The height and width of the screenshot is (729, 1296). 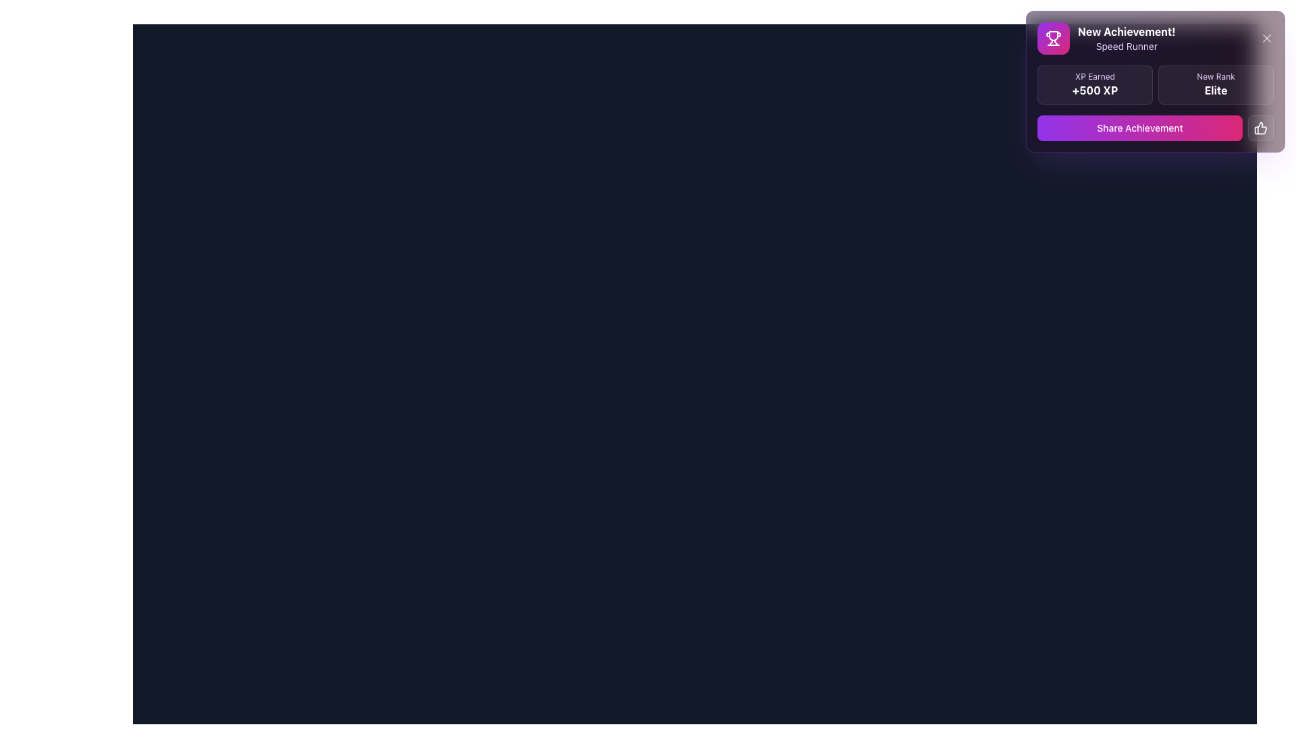 What do you see at coordinates (1266, 38) in the screenshot?
I see `the dismiss button (a light gray or white 'X' icon) located in the top-right corner of the 'New Achievement! Speed Runner' notification card to trigger the tooltip or visual feedback` at bounding box center [1266, 38].